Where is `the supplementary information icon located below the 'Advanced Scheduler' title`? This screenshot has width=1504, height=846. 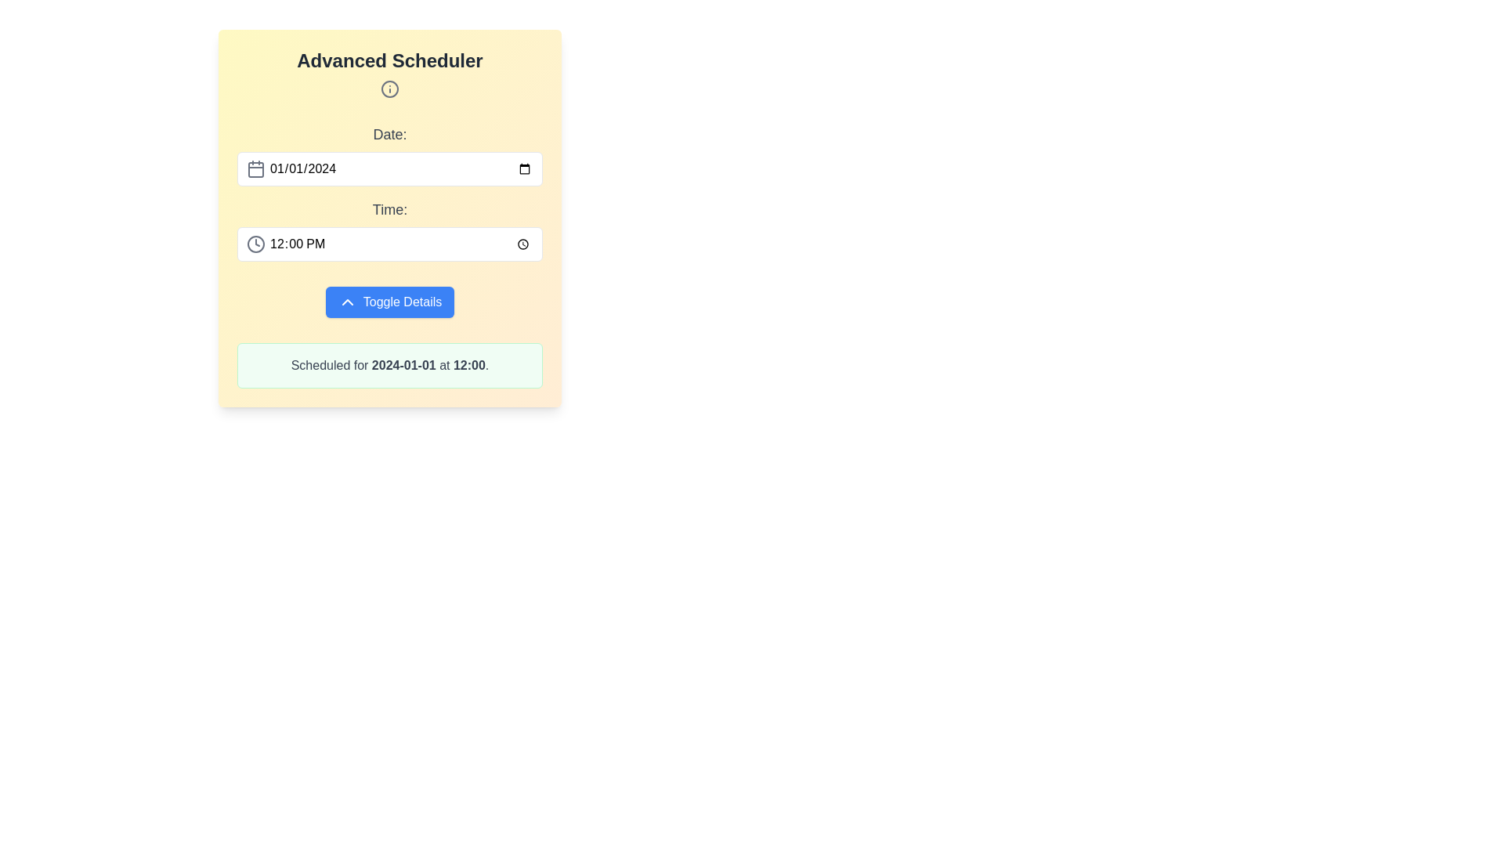 the supplementary information icon located below the 'Advanced Scheduler' title is located at coordinates (390, 73).